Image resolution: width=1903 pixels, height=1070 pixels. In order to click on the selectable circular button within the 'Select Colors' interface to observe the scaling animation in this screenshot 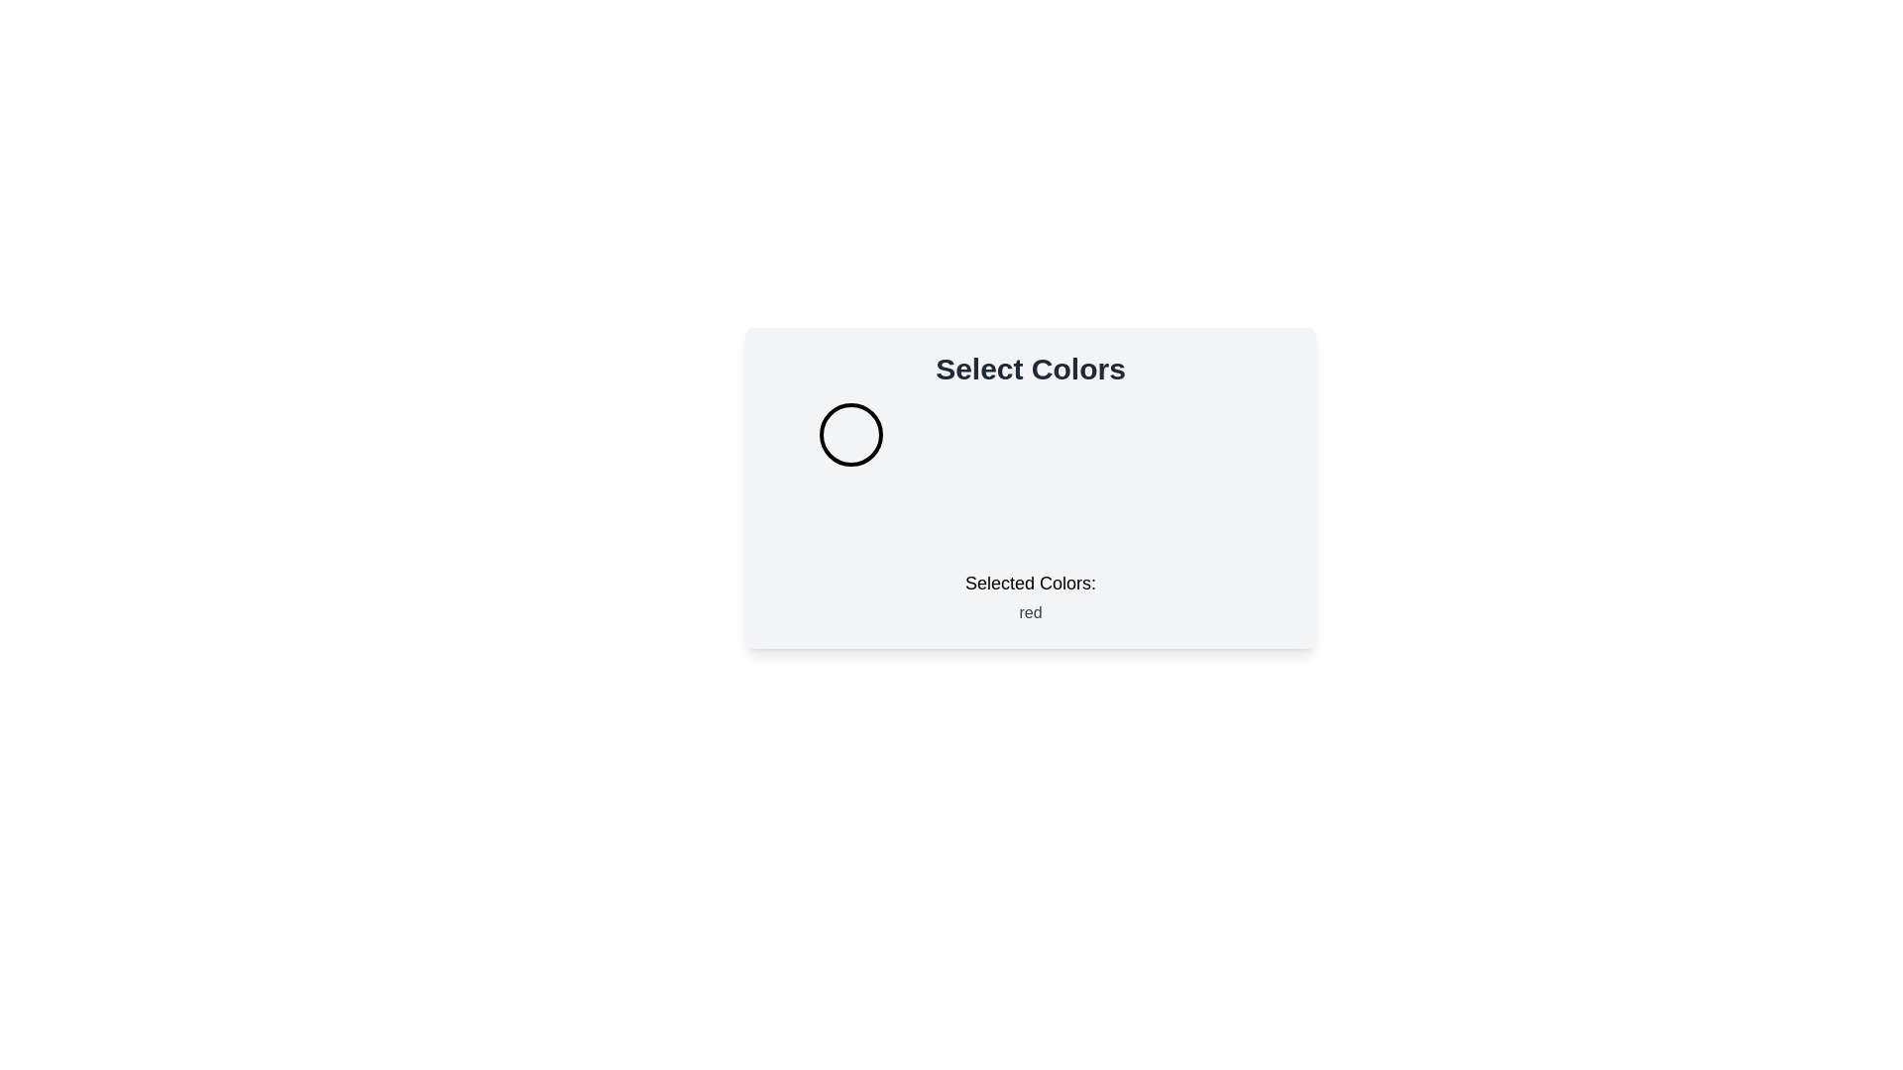, I will do `click(1209, 434)`.